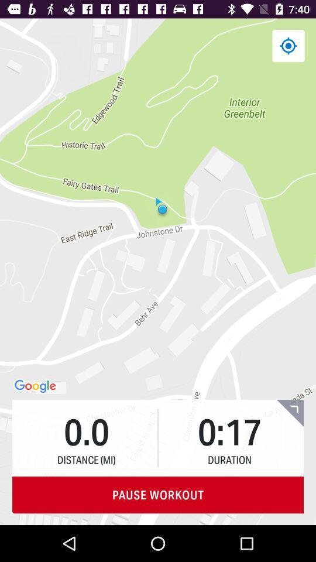 This screenshot has height=562, width=316. I want to click on show current location, so click(287, 46).